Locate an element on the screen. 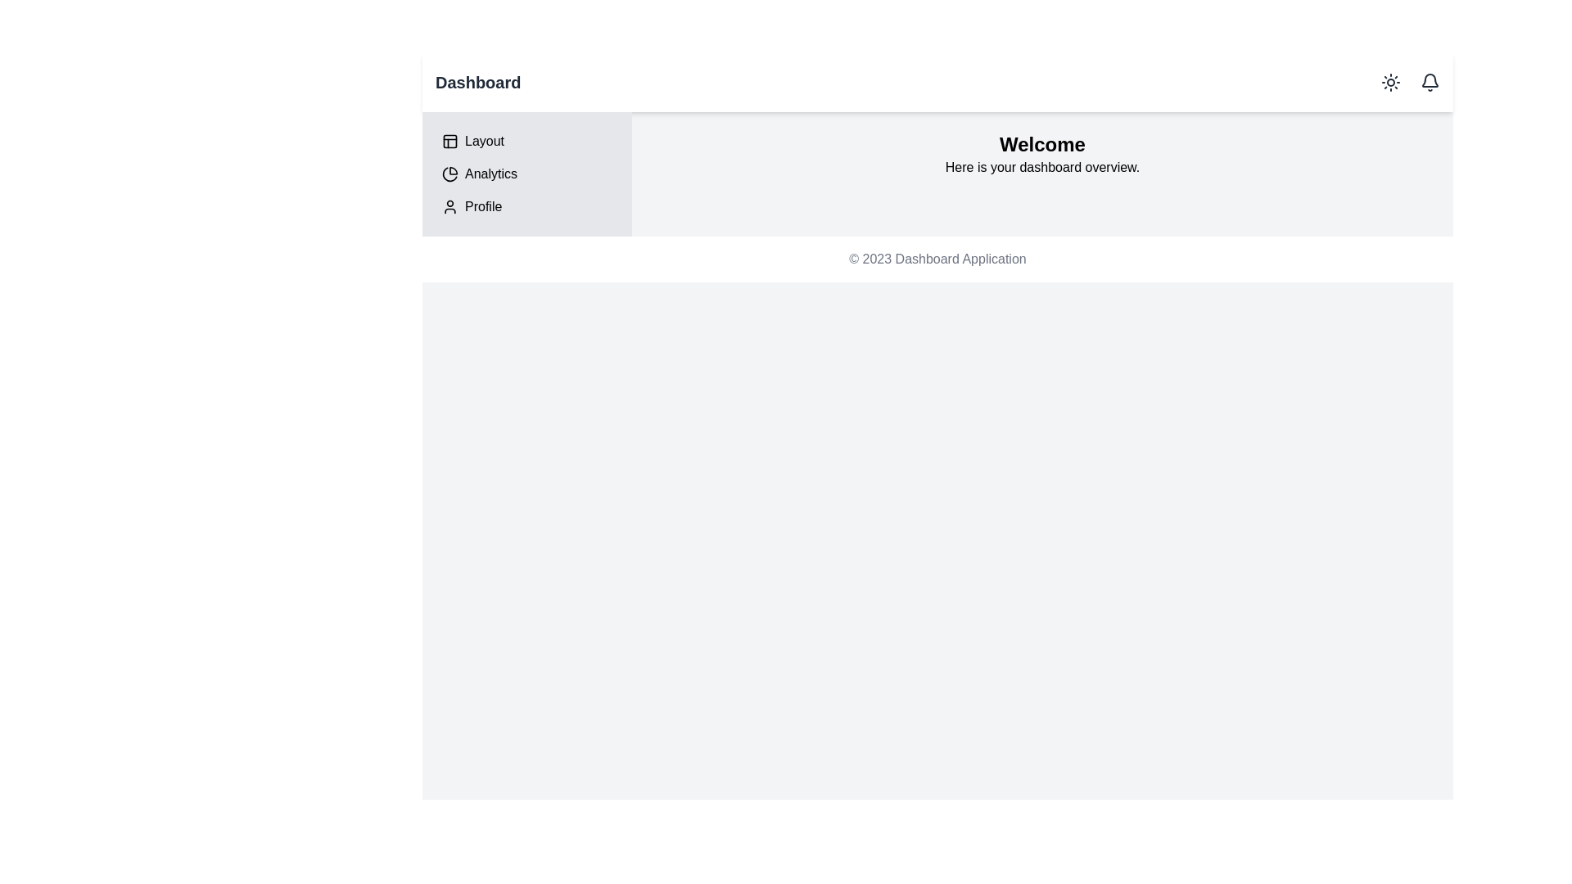  the Text Label located in the top bar of the application interface, positioned towards the left side, serving as a header or title is located at coordinates (477, 82).